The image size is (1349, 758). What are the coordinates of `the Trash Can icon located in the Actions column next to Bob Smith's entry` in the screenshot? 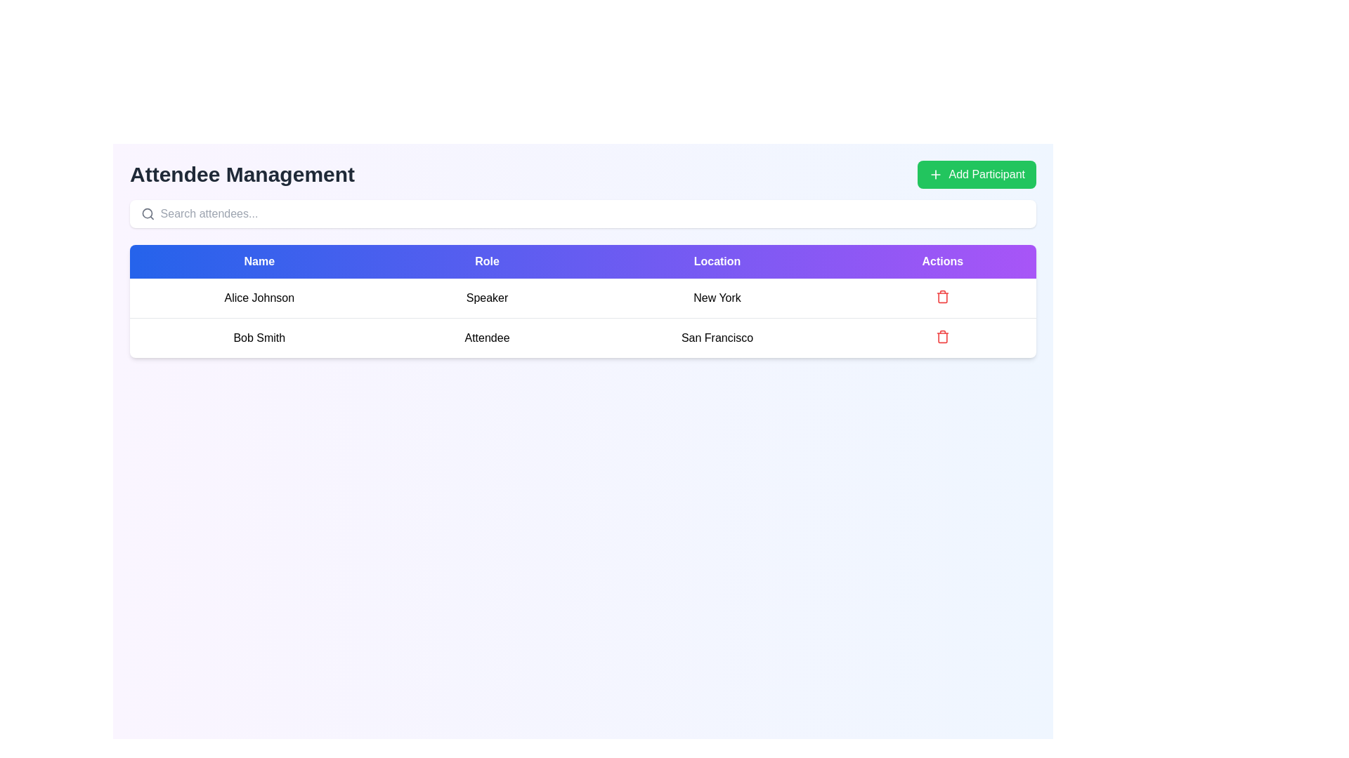 It's located at (942, 338).